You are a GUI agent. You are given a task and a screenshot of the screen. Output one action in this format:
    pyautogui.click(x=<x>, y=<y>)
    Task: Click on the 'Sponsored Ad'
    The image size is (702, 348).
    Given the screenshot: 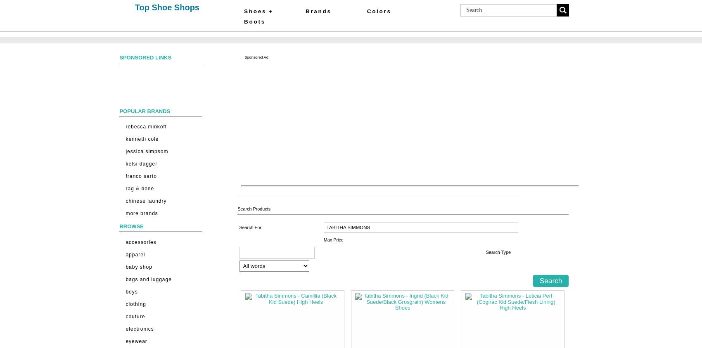 What is the action you would take?
    pyautogui.click(x=255, y=56)
    